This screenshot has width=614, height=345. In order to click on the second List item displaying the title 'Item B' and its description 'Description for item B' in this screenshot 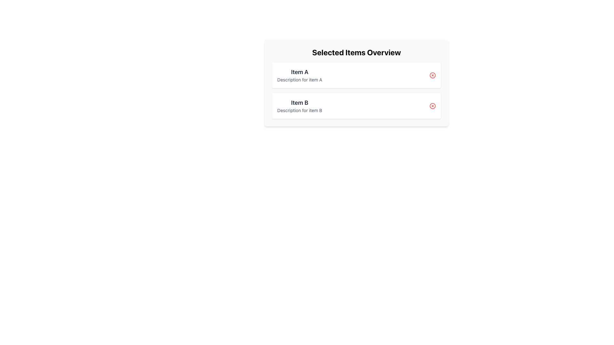, I will do `click(299, 105)`.